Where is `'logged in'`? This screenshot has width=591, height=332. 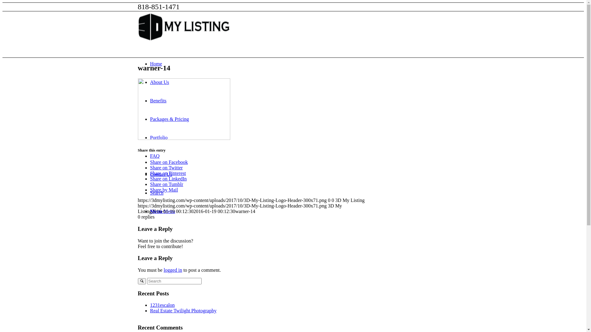
'logged in' is located at coordinates (172, 270).